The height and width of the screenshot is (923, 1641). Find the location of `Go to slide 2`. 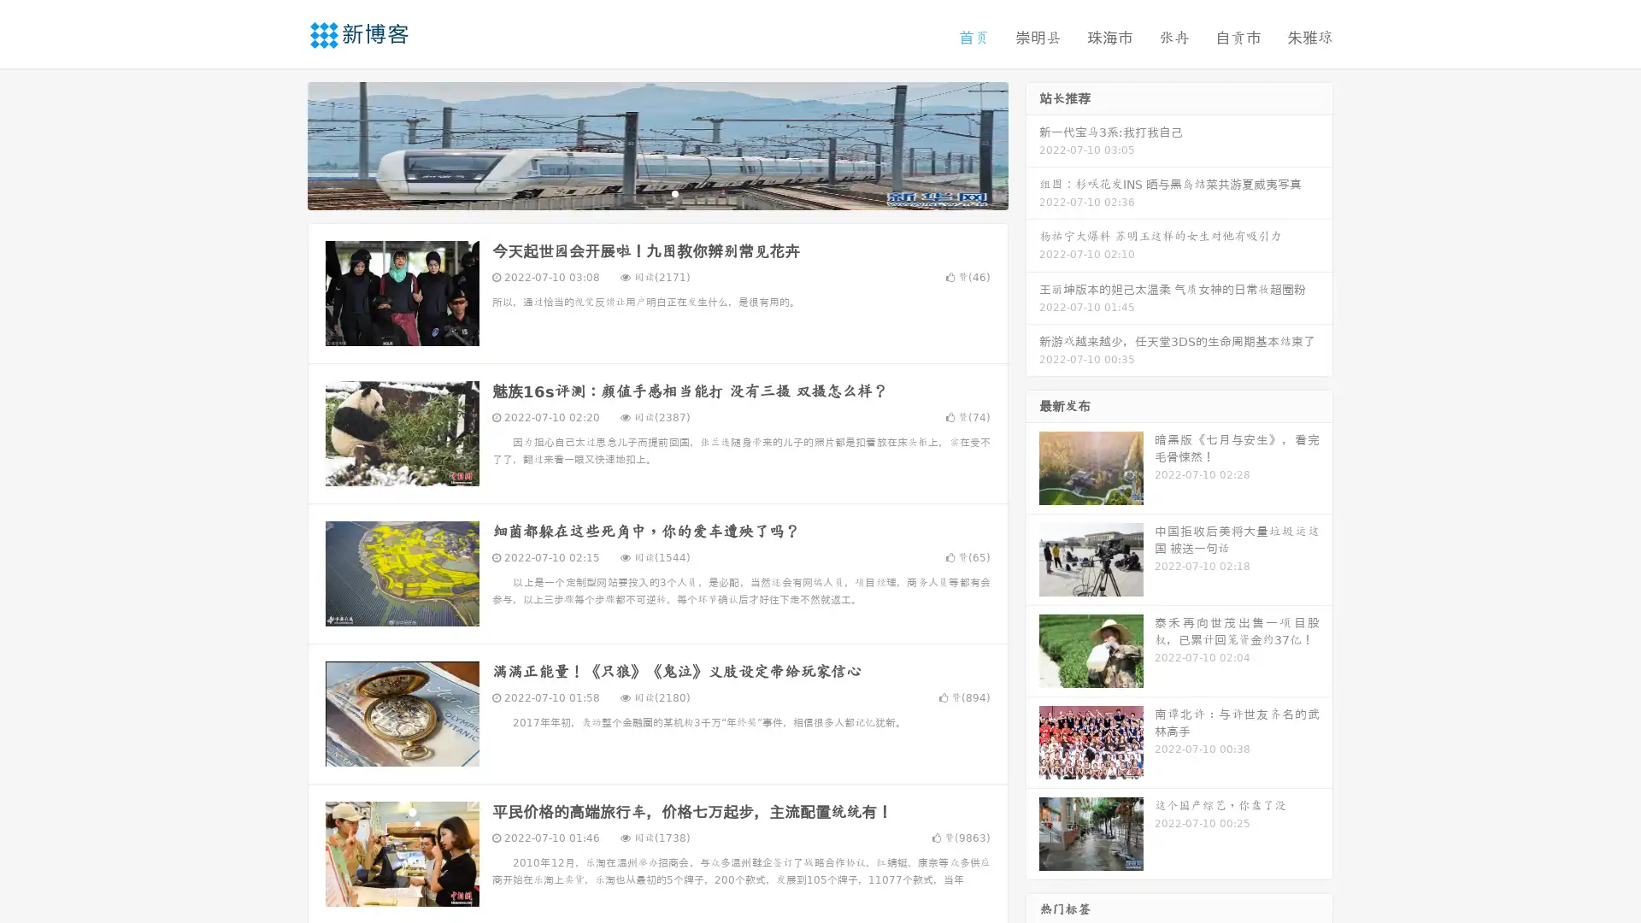

Go to slide 2 is located at coordinates (656, 192).